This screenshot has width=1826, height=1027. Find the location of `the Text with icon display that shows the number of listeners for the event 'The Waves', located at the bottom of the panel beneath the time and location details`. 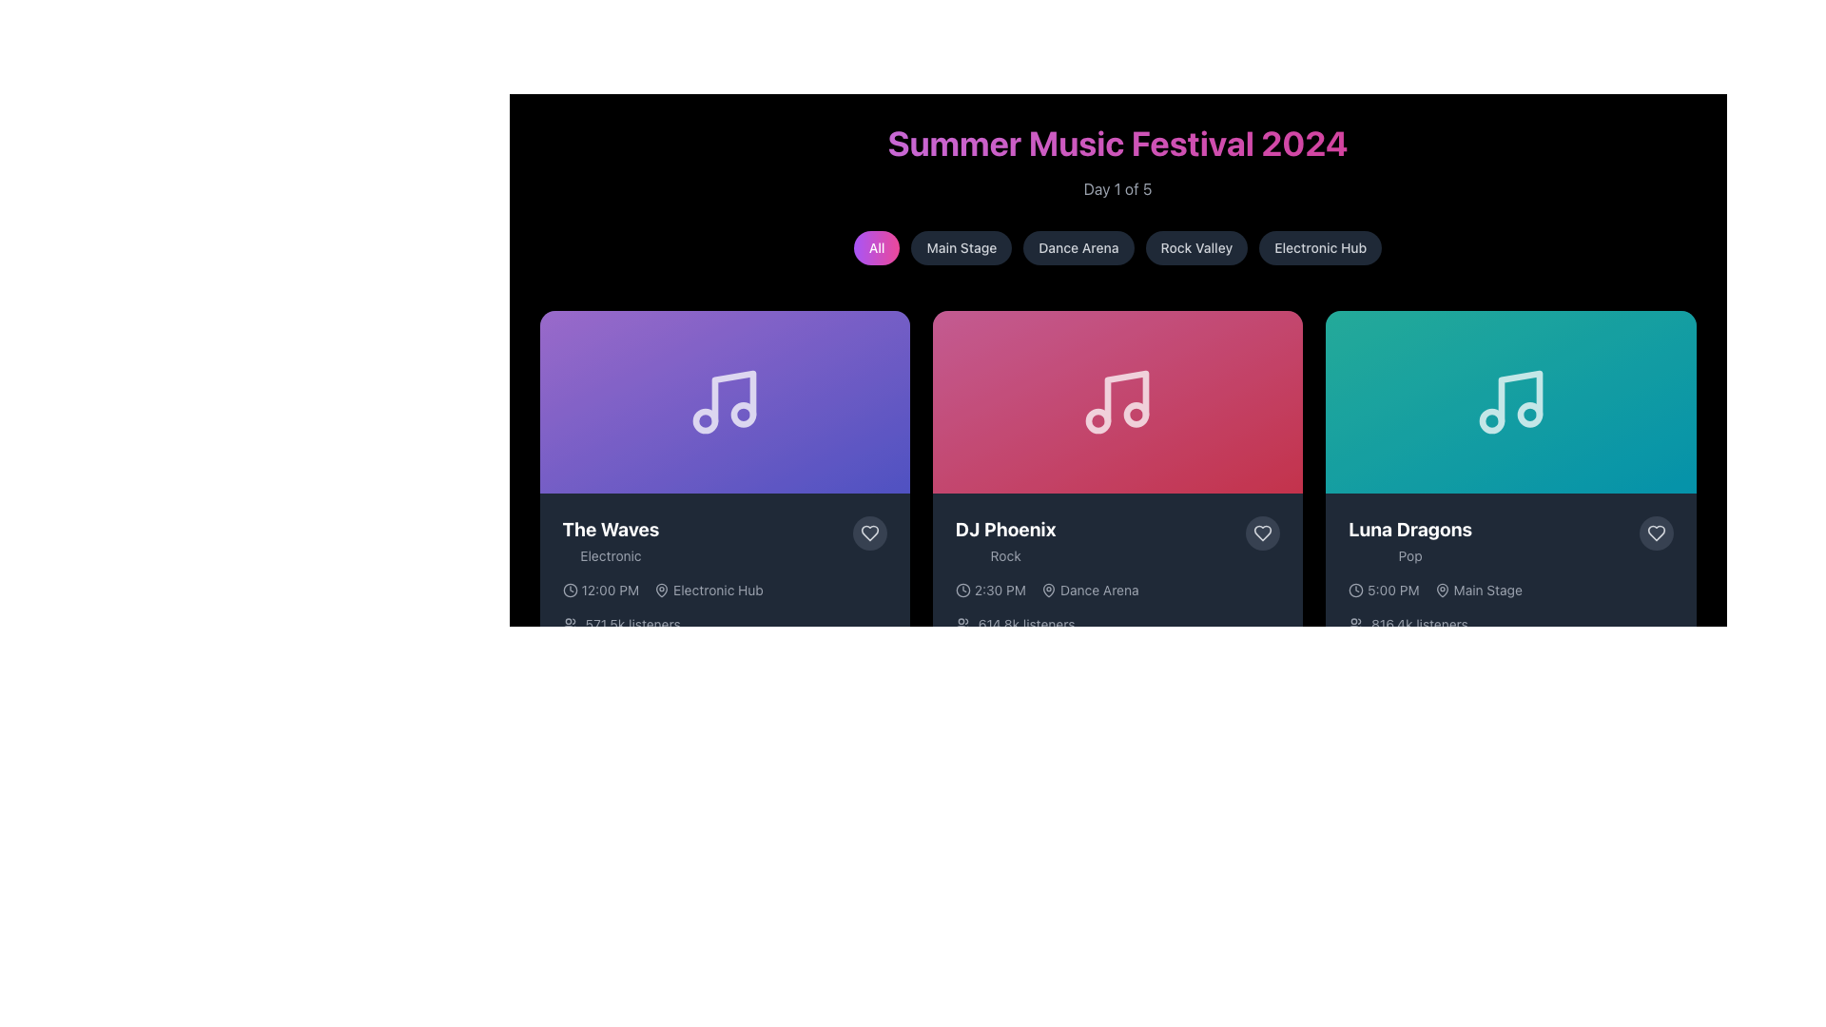

the Text with icon display that shows the number of listeners for the event 'The Waves', located at the bottom of the panel beneath the time and location details is located at coordinates (724, 624).